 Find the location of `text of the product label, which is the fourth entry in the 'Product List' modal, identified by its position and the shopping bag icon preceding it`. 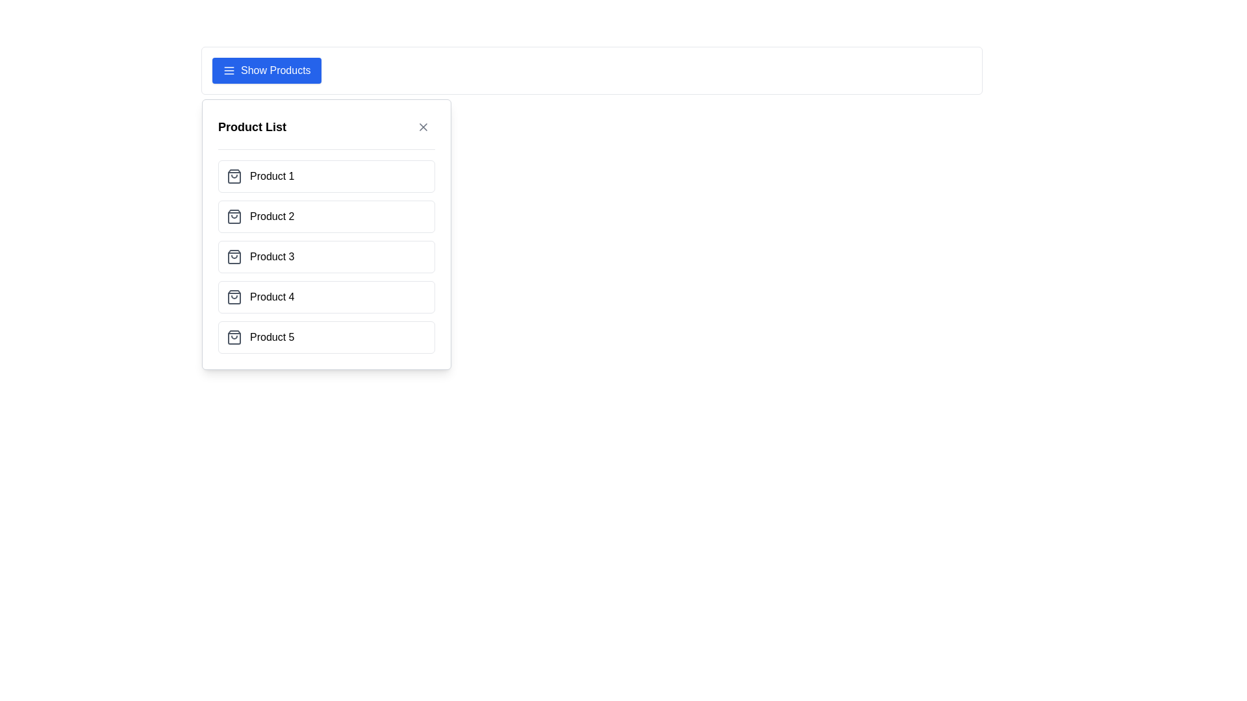

text of the product label, which is the fourth entry in the 'Product List' modal, identified by its position and the shopping bag icon preceding it is located at coordinates (271, 297).